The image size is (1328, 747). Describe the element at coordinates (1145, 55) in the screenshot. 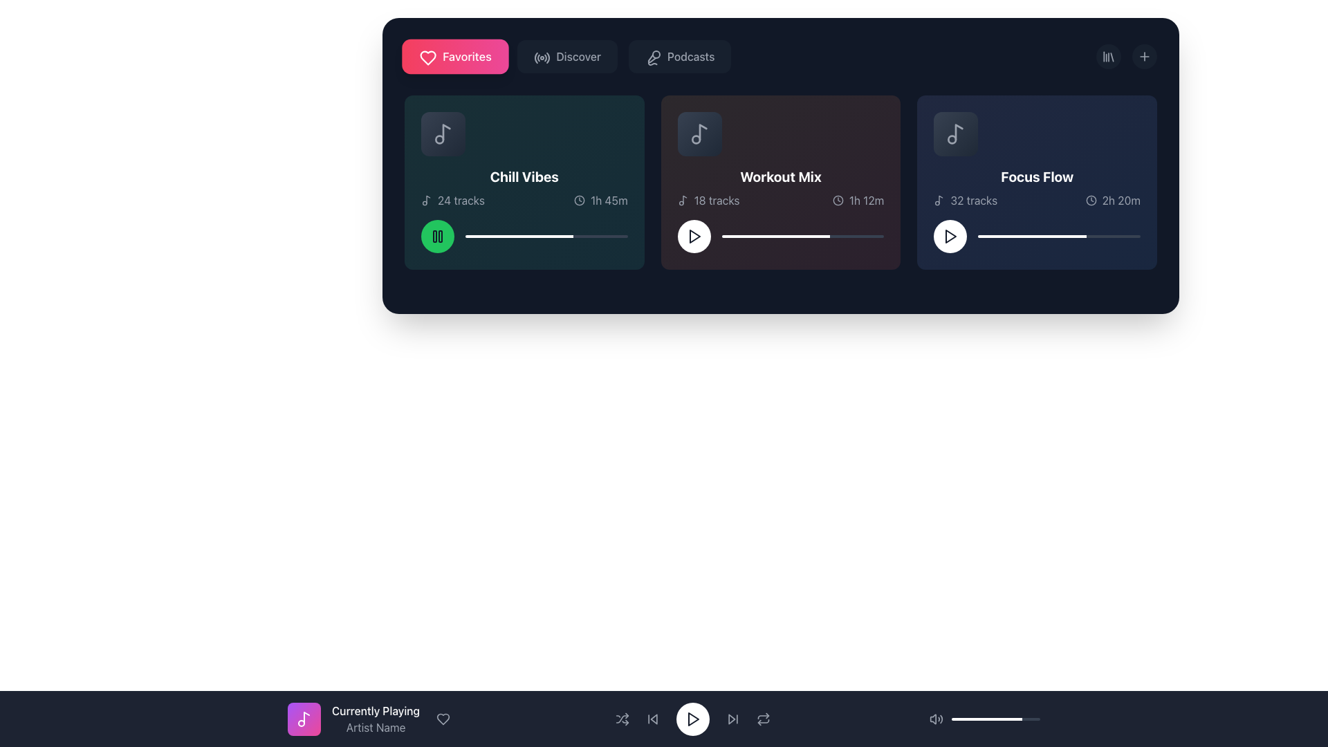

I see `the plus-shaped icon button located in the top-right corner of the 'Focus Flow' card` at that location.